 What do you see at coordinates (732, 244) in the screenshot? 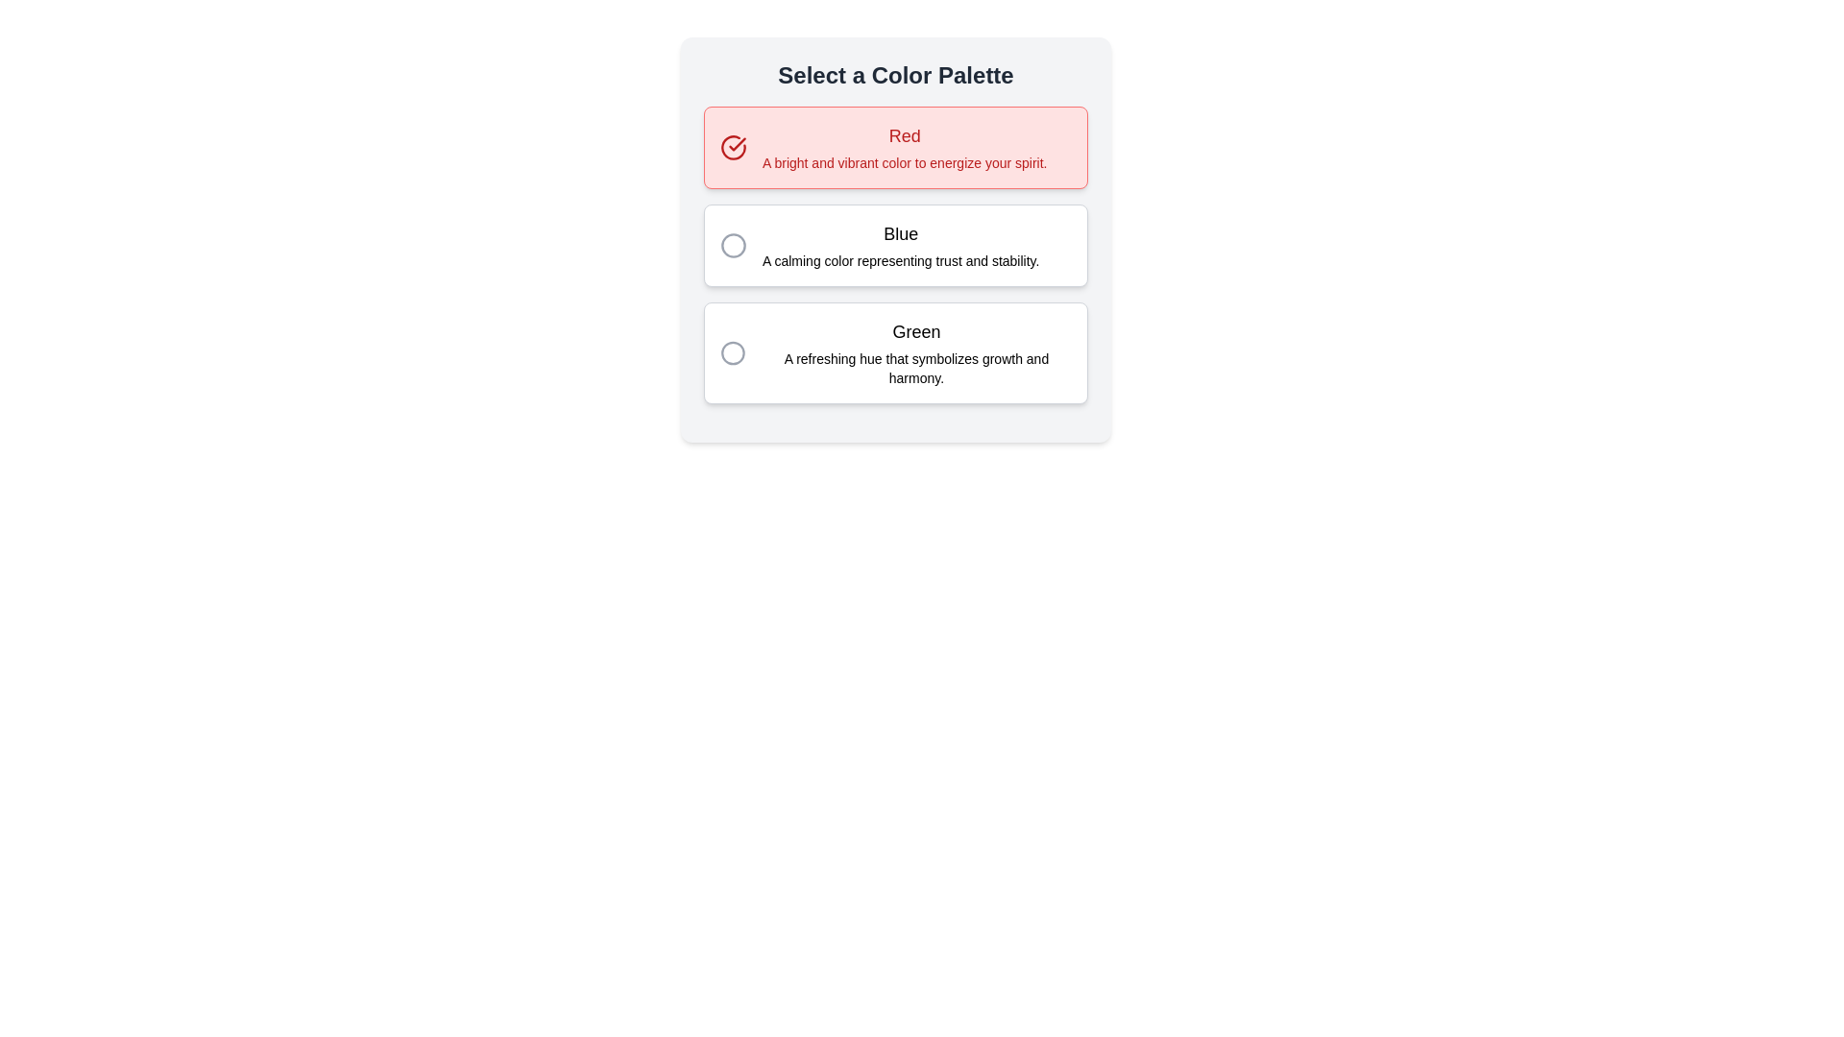
I see `the visual indicator associated with the 'Blue' option in the list` at bounding box center [732, 244].